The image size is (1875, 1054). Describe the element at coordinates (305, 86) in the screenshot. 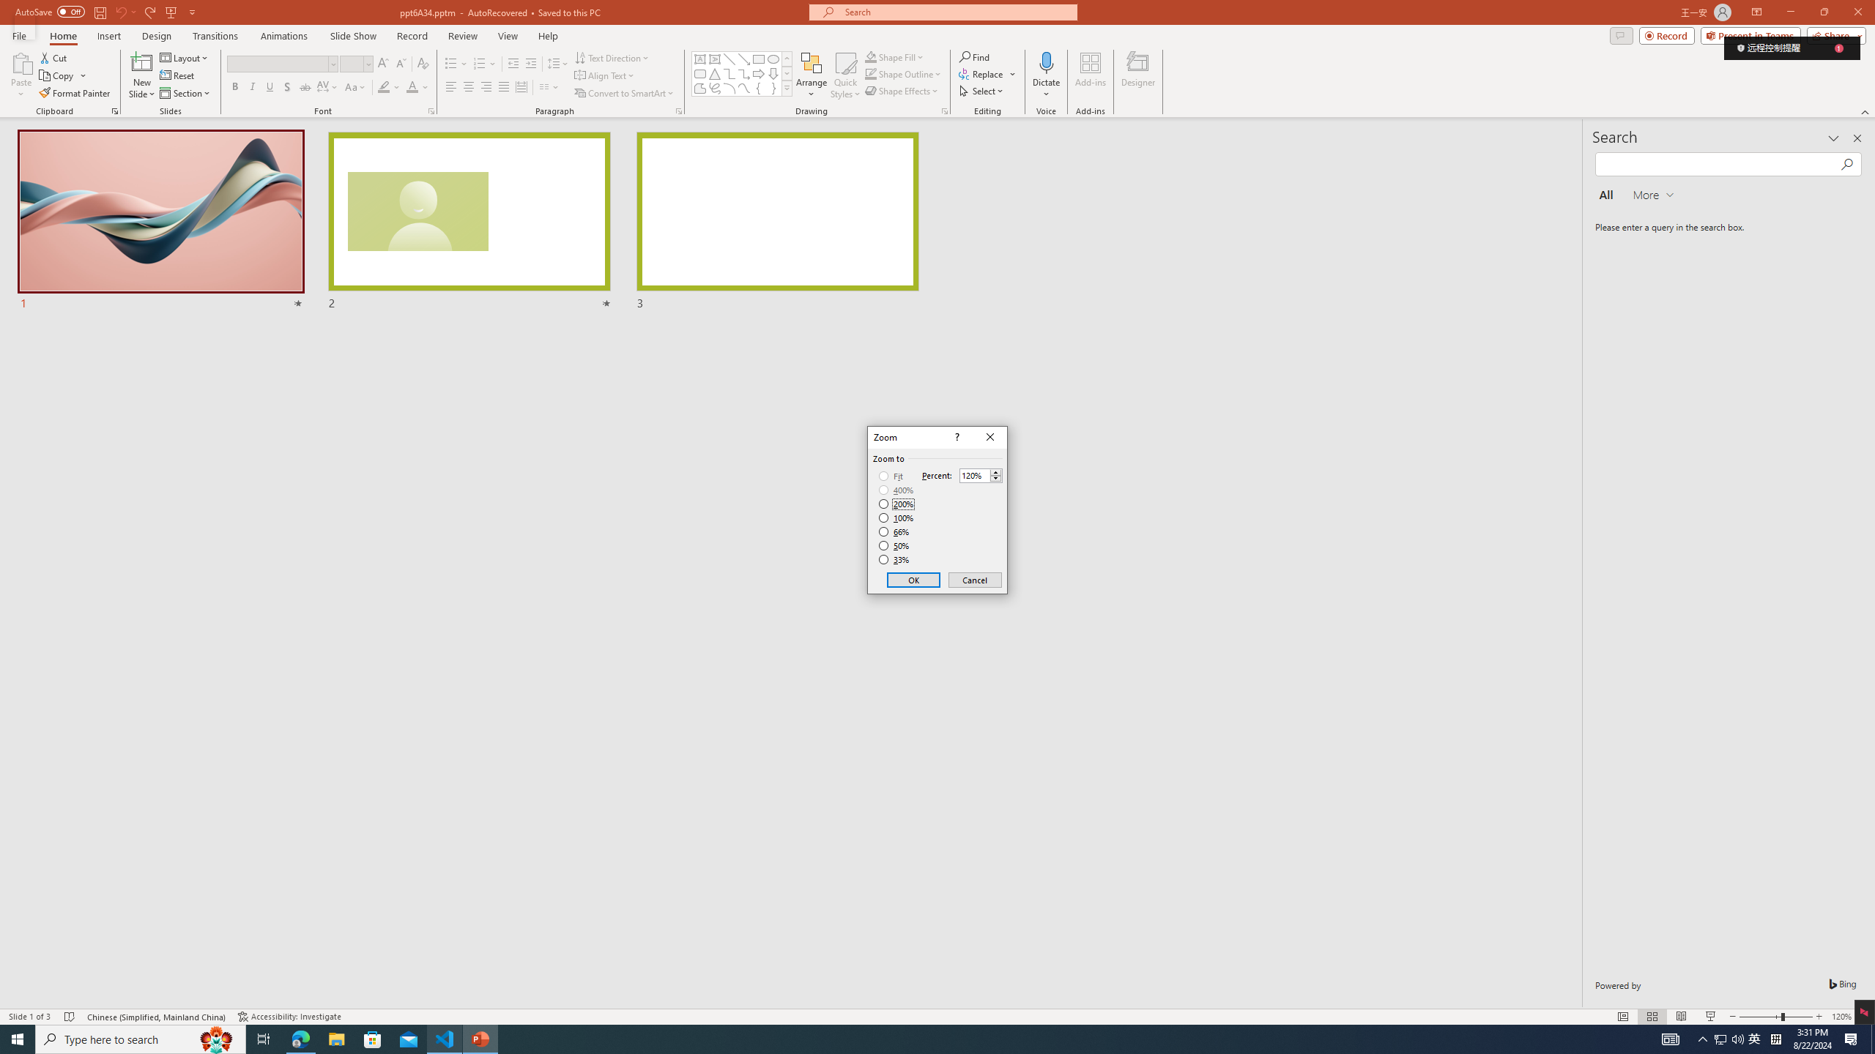

I see `'Strikethrough'` at that location.